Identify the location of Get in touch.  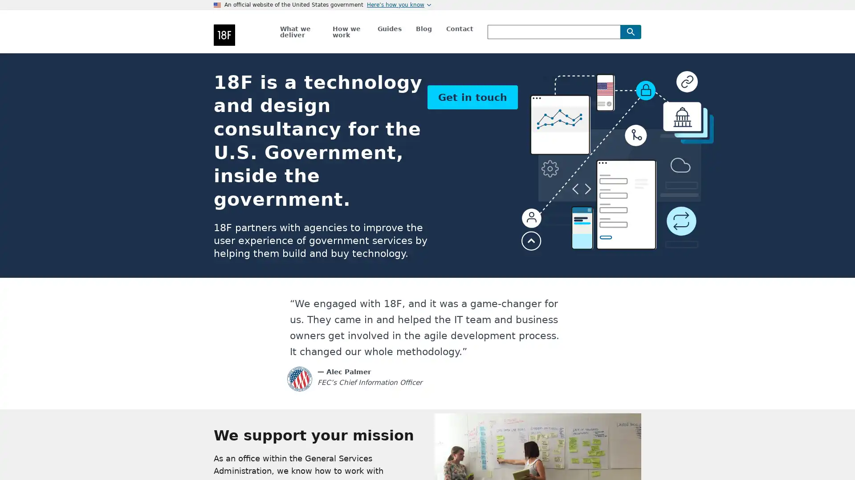
(472, 97).